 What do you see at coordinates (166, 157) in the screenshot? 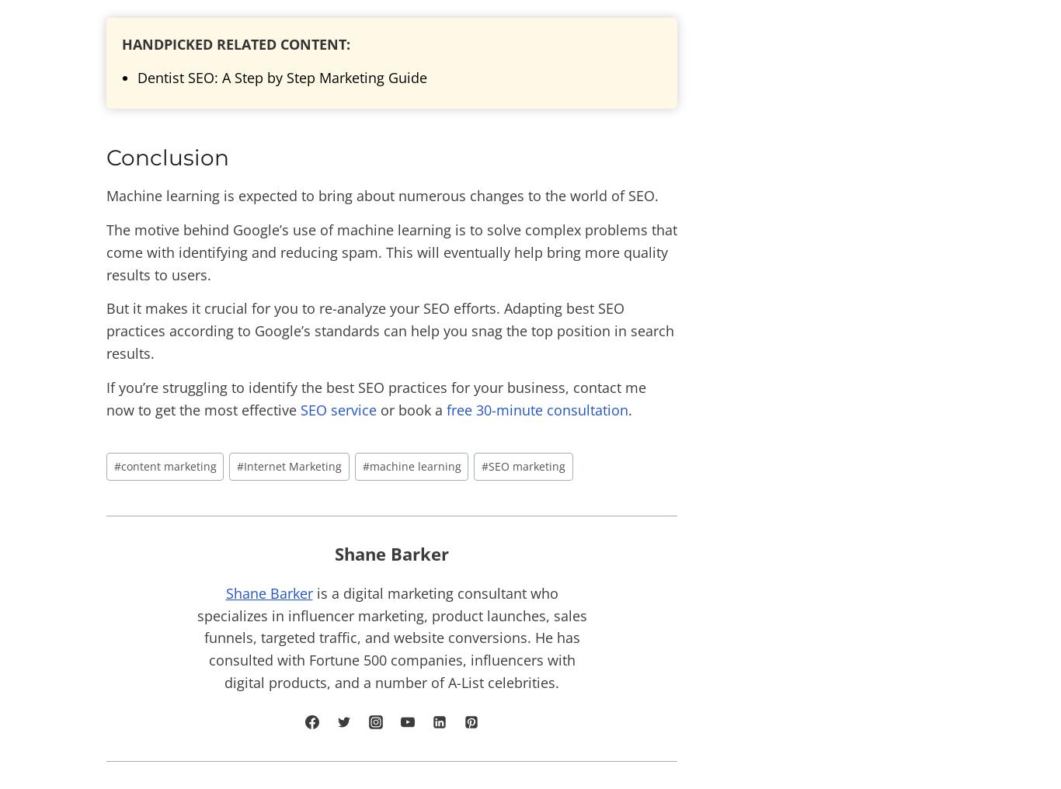
I see `'Conclusion'` at bounding box center [166, 157].